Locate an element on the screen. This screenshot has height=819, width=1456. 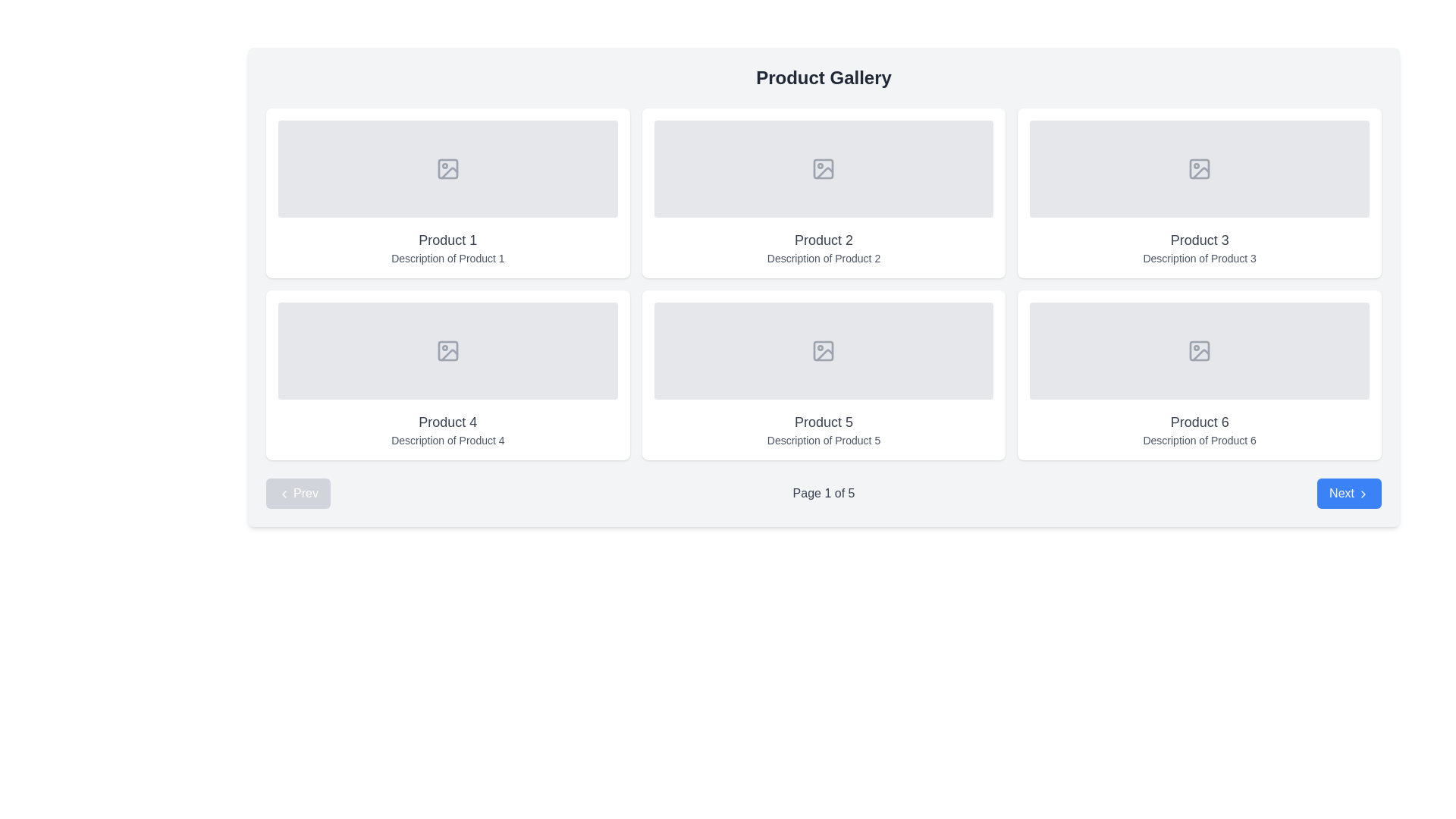
the text element that indicates the current page and total number of pages in the pagination section, located at the center bottom of the interface between the 'Prev' and 'Next' buttons is located at coordinates (823, 494).